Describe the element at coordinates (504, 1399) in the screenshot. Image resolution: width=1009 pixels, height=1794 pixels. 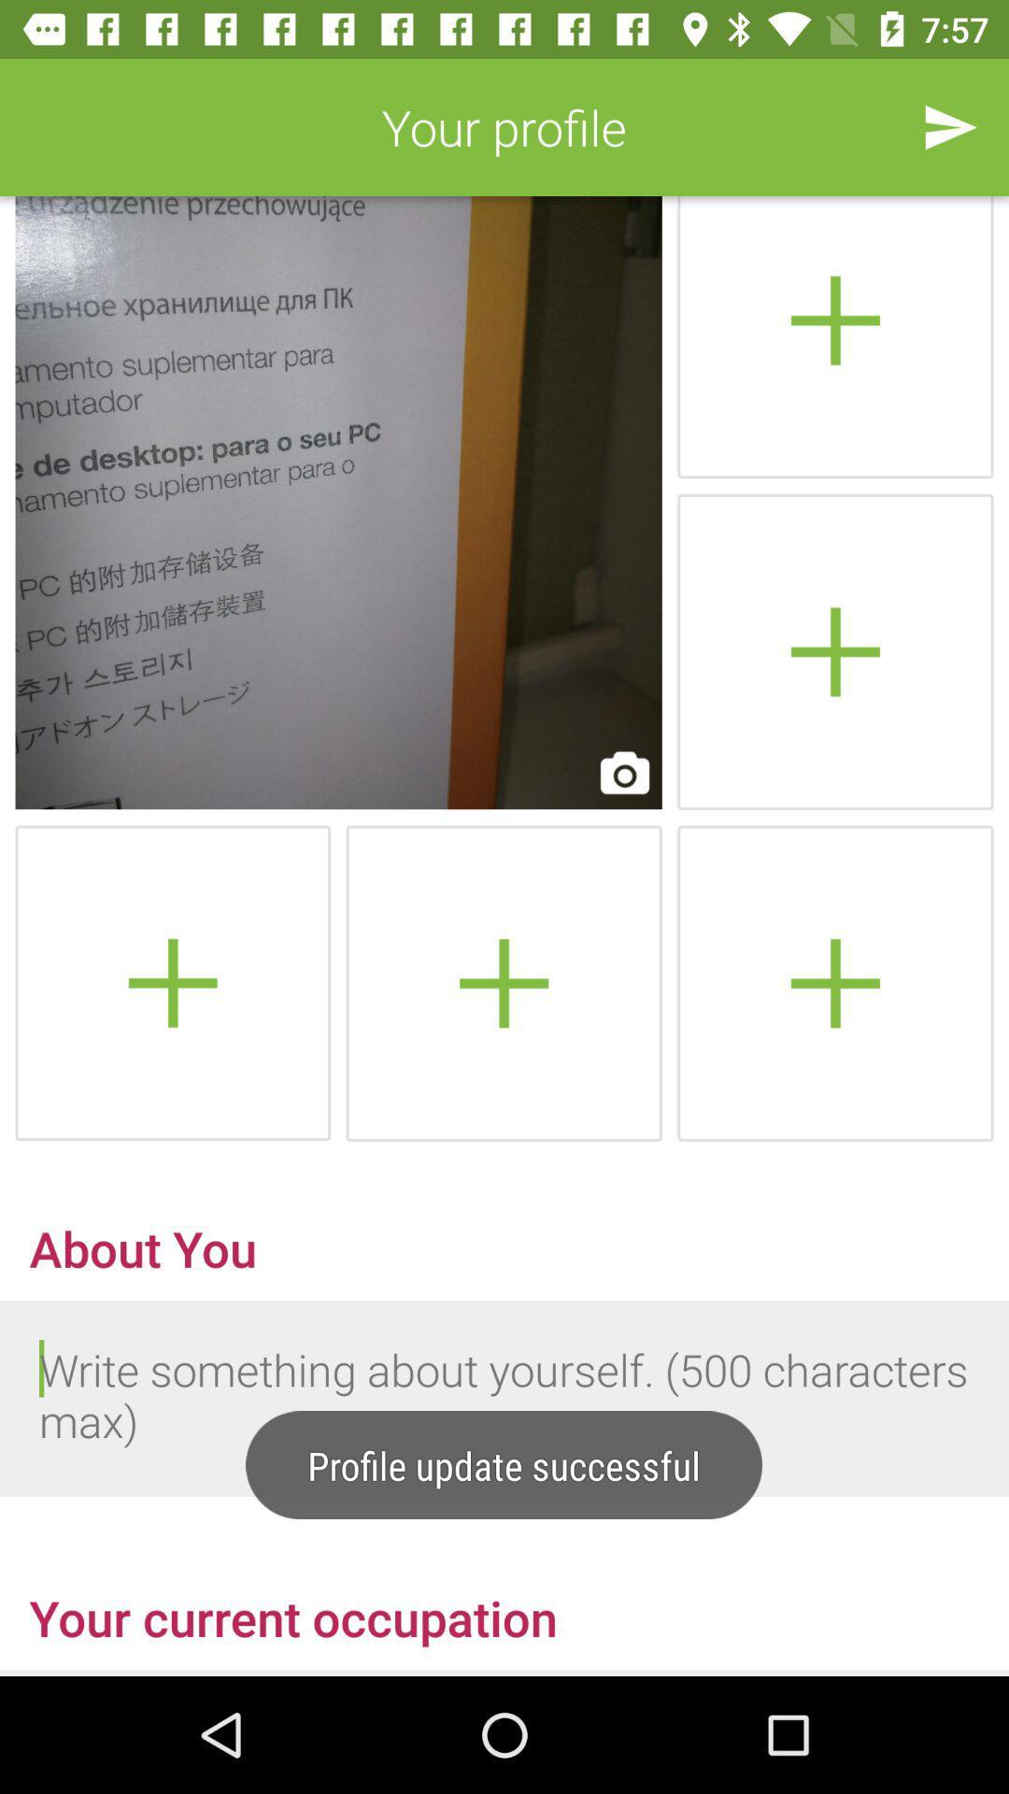
I see `write entry` at that location.